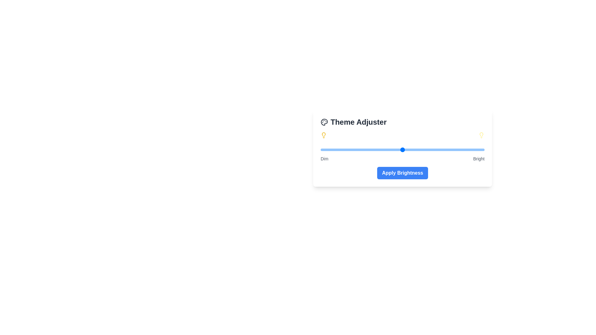 The image size is (596, 335). I want to click on the brightness slider to a specific value 91, so click(470, 150).